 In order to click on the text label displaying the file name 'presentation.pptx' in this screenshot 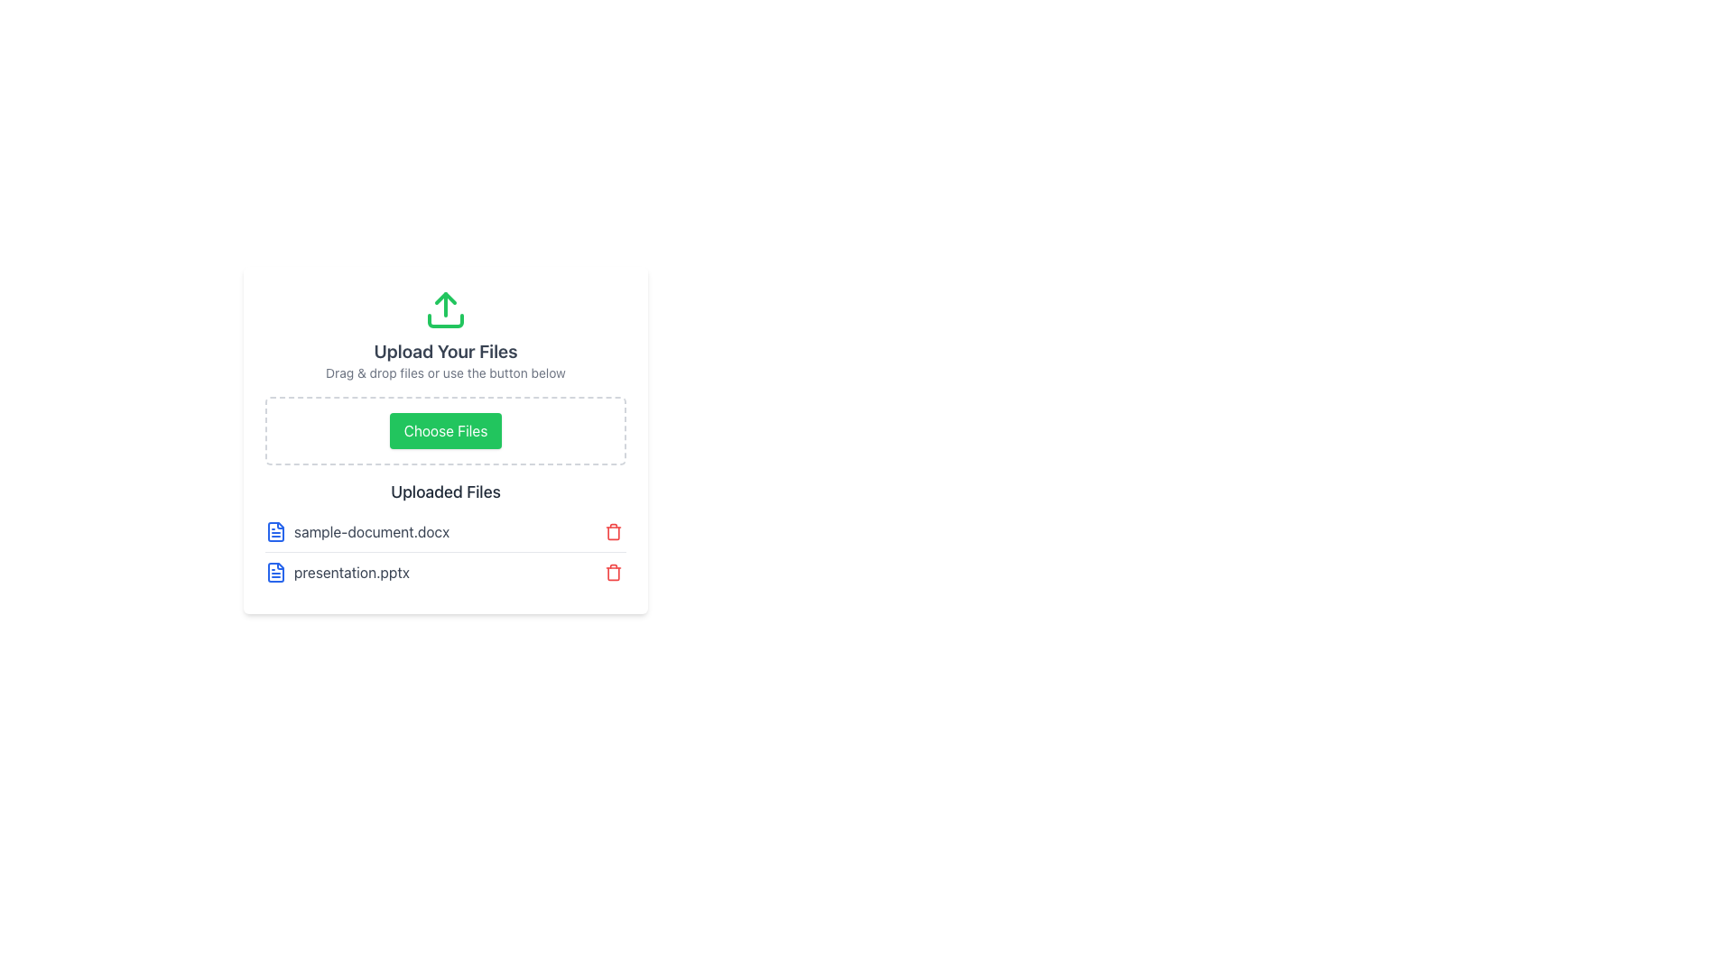, I will do `click(351, 573)`.